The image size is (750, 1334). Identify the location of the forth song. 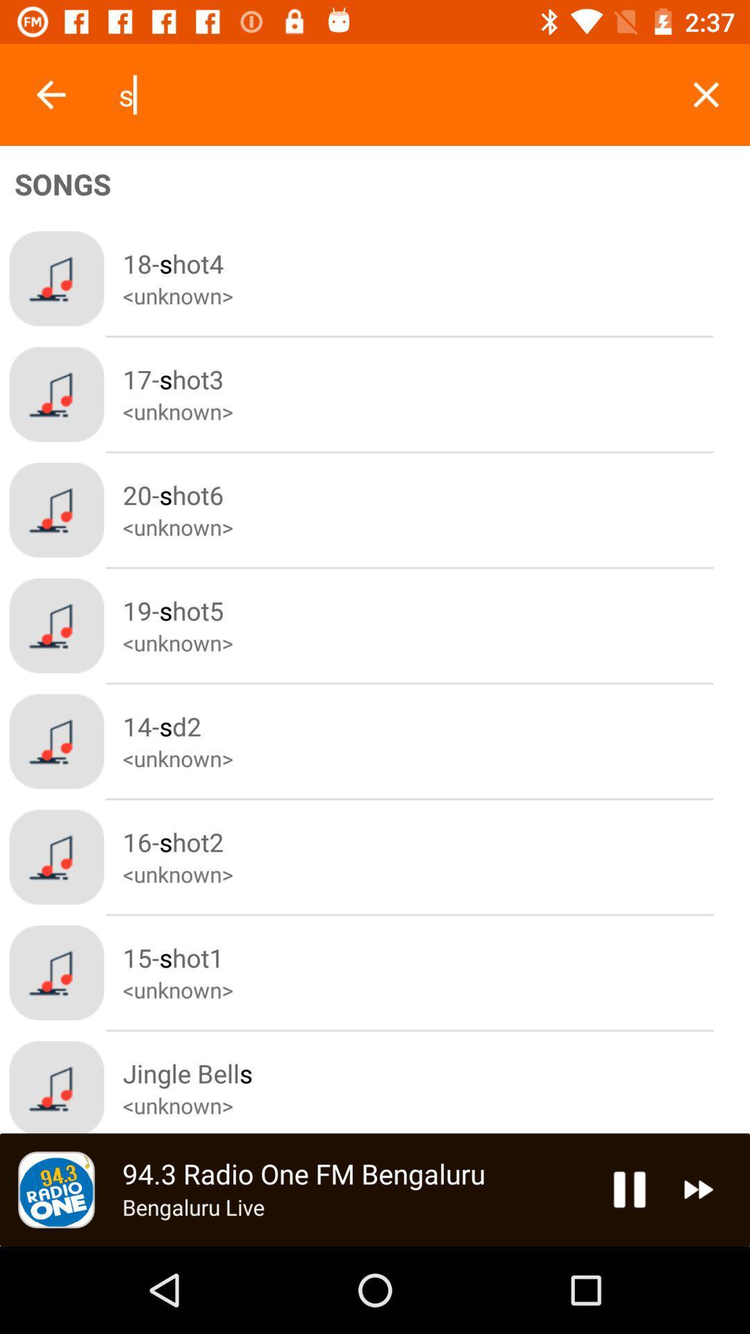
(435, 625).